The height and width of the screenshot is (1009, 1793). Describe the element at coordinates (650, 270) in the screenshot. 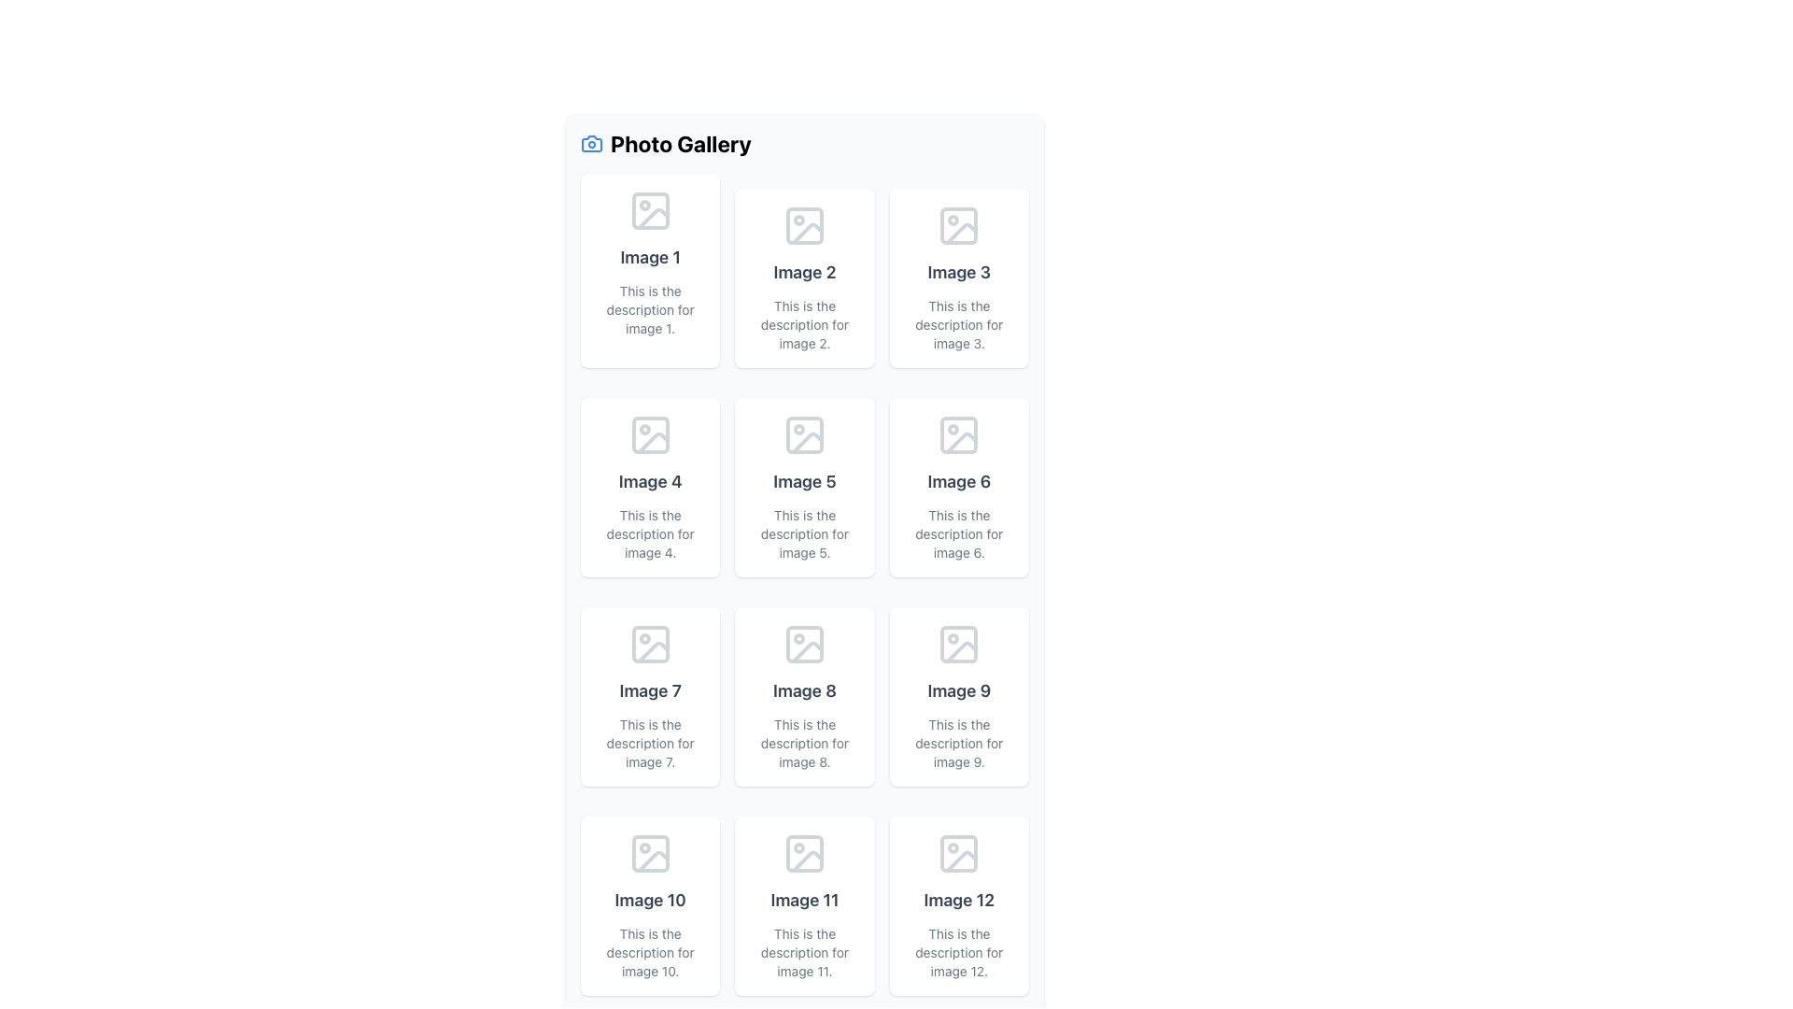

I see `text content of the first Content card in the top-left corner of the grid, which displays the label 'Image 1' and the description 'This is the description for image 1.'` at that location.